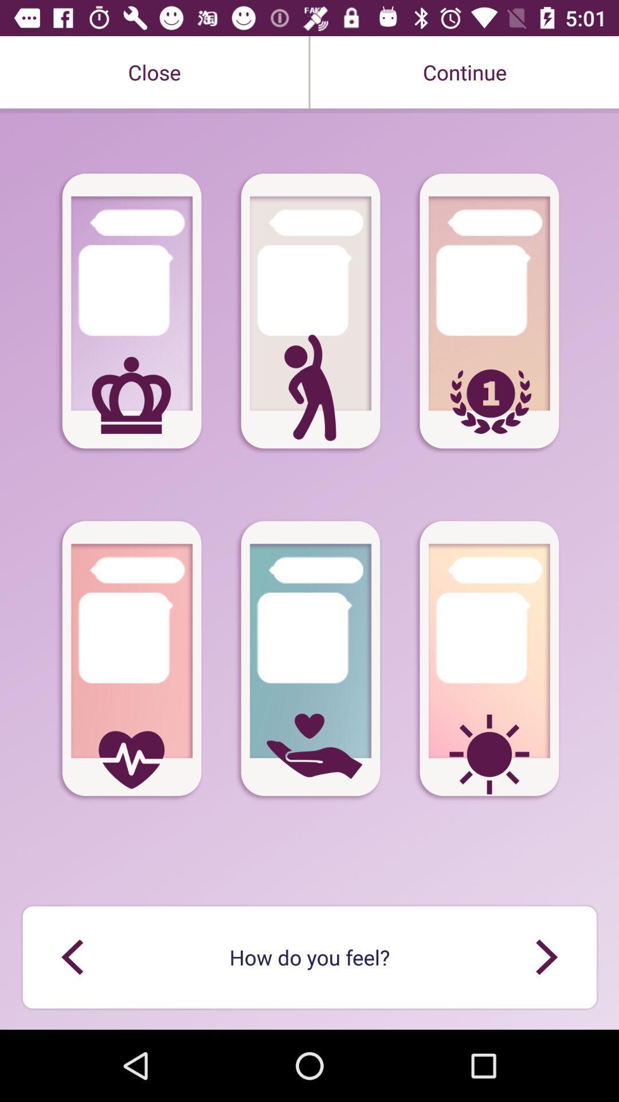  I want to click on preview icone, so click(72, 957).